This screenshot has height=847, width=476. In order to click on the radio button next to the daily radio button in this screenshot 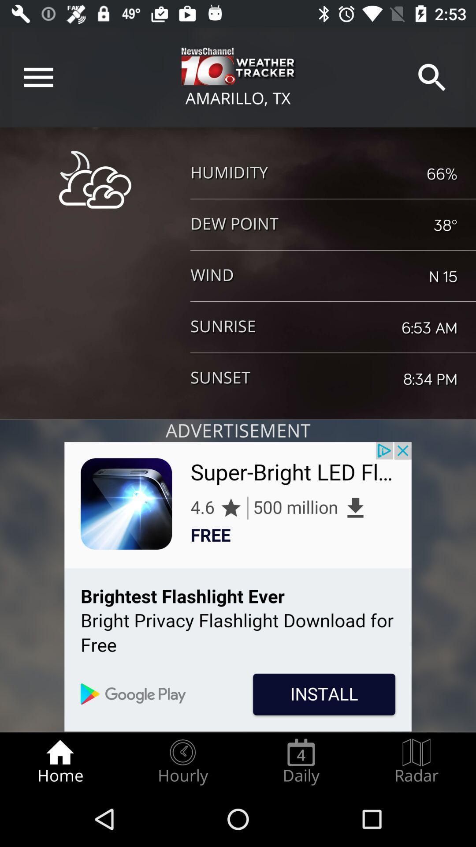, I will do `click(416, 761)`.